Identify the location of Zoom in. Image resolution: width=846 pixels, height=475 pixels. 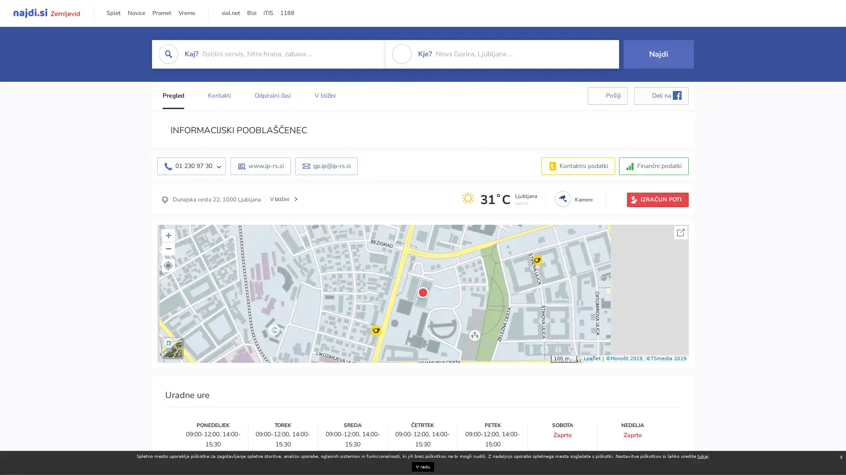
(168, 235).